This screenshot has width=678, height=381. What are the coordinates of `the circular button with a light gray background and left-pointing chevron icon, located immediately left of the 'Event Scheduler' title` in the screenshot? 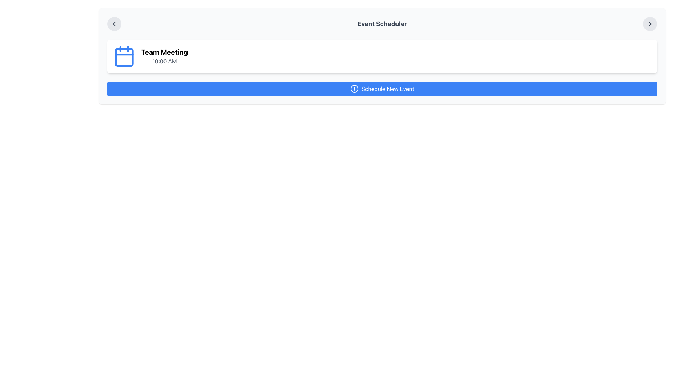 It's located at (114, 24).